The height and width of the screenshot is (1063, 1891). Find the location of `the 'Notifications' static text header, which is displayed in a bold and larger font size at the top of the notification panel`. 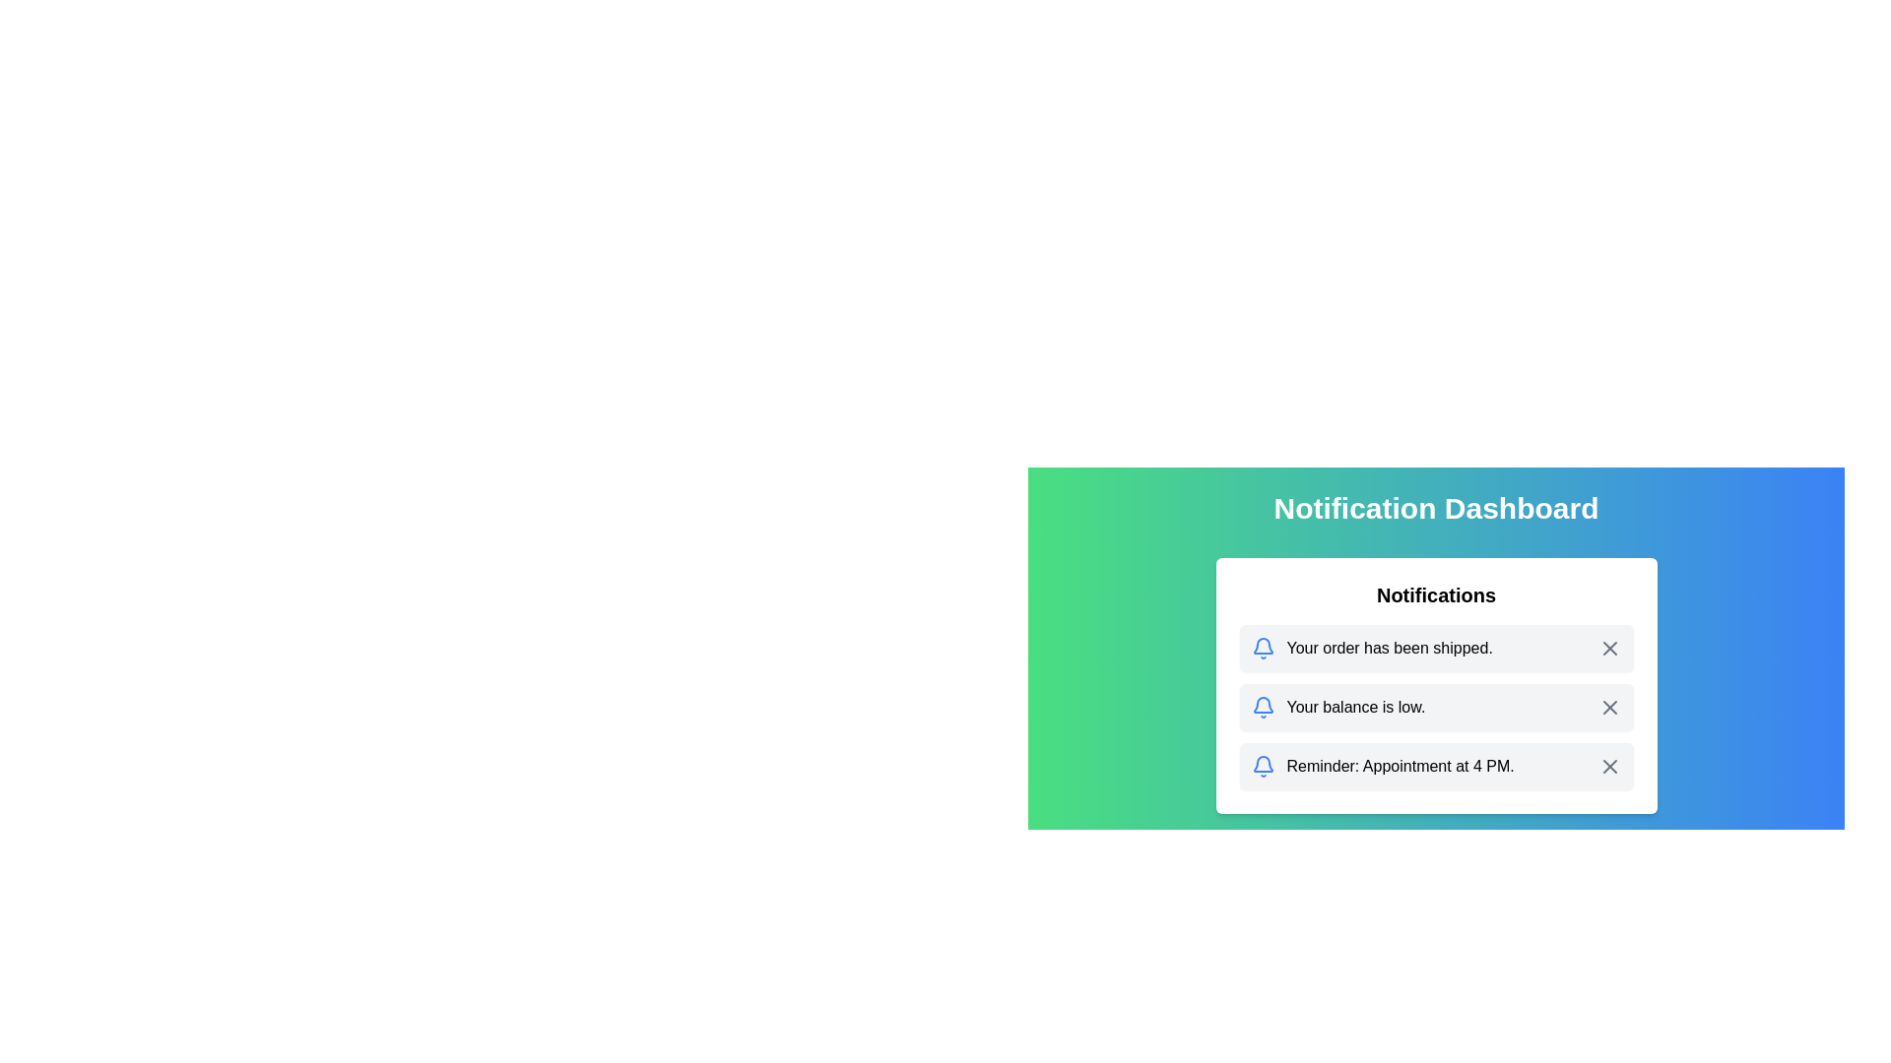

the 'Notifications' static text header, which is displayed in a bold and larger font size at the top of the notification panel is located at coordinates (1436, 594).